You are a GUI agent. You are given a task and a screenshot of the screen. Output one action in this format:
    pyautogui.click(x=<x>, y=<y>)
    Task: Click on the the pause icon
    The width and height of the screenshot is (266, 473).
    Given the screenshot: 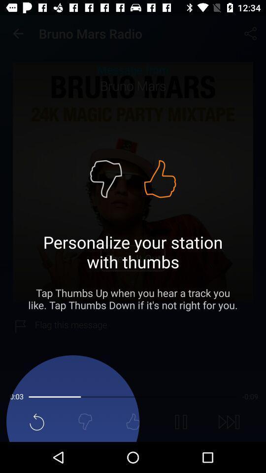 What is the action you would take?
    pyautogui.click(x=180, y=421)
    